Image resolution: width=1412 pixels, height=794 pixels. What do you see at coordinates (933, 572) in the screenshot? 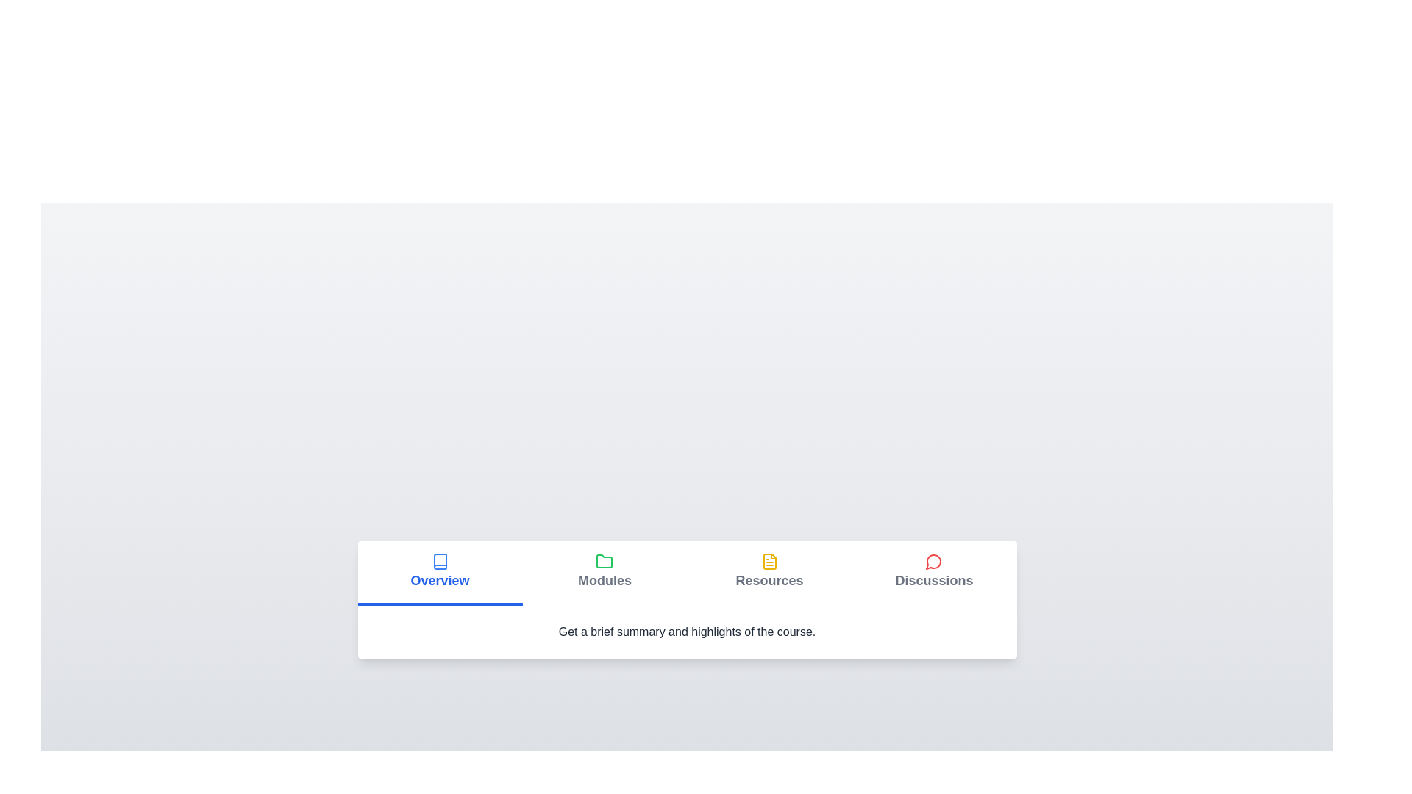
I see `the tab Discussions to view its content` at bounding box center [933, 572].